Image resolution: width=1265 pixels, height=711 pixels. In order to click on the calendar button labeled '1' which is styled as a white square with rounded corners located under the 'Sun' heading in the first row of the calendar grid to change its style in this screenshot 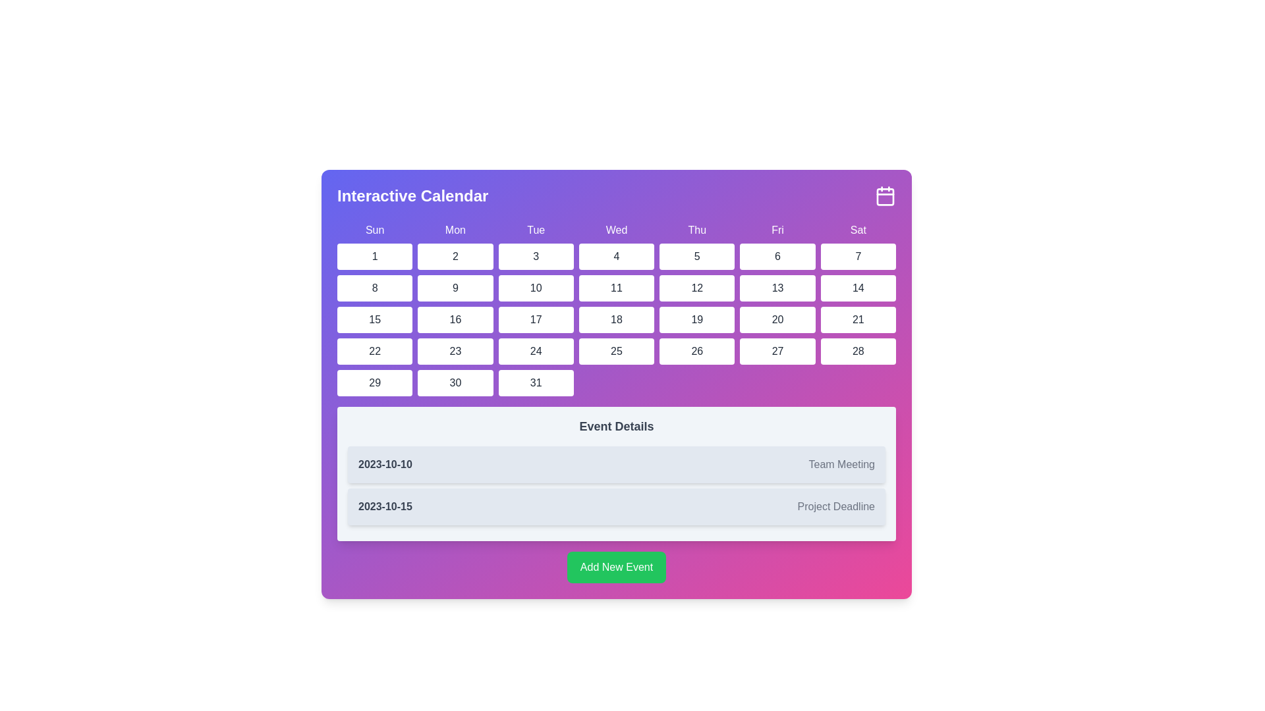, I will do `click(374, 256)`.